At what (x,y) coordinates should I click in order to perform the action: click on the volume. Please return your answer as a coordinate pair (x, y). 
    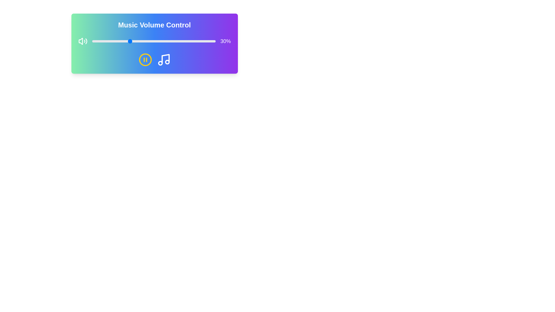
    Looking at the image, I should click on (100, 41).